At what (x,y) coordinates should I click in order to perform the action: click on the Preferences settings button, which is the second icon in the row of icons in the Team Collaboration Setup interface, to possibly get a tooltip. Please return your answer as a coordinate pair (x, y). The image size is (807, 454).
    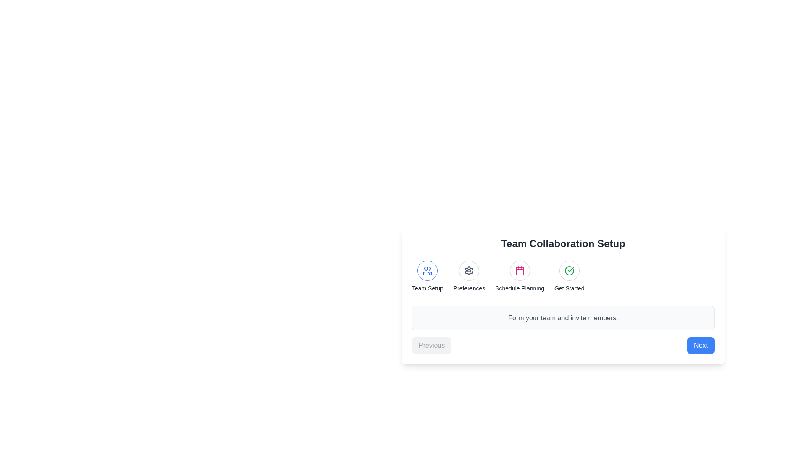
    Looking at the image, I should click on (469, 271).